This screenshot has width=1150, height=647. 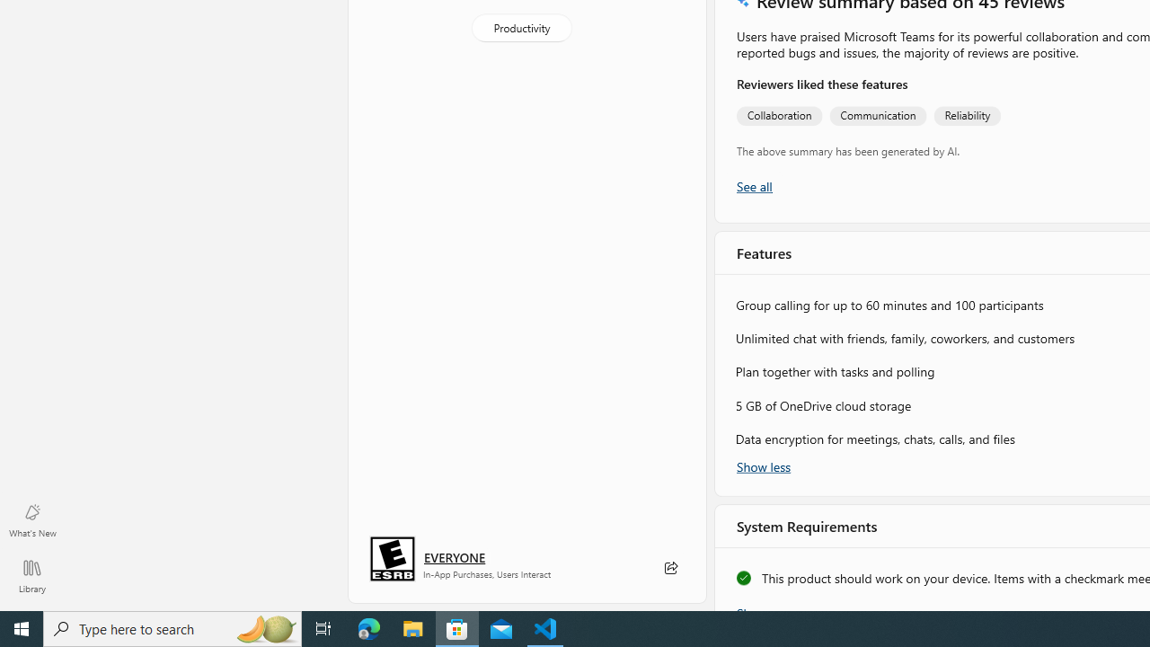 What do you see at coordinates (764, 465) in the screenshot?
I see `'Show less'` at bounding box center [764, 465].